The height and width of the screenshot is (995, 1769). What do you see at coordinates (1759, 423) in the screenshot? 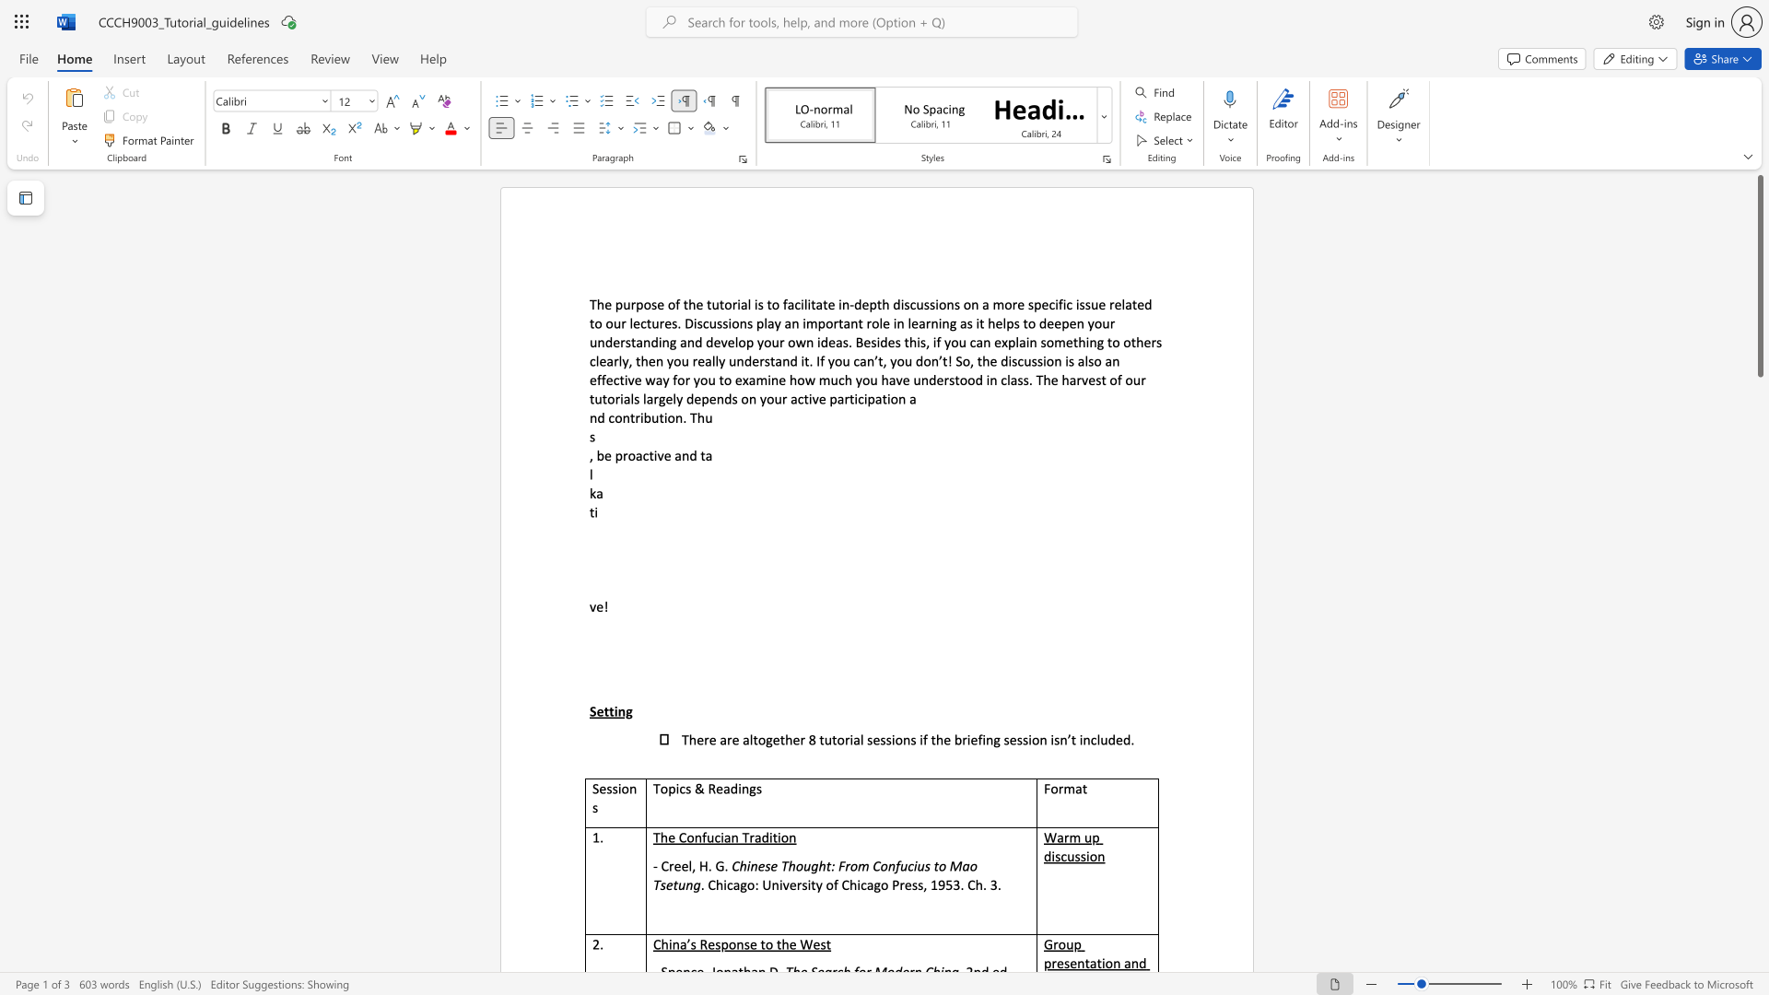
I see `the side scrollbar to bring the page down` at bounding box center [1759, 423].